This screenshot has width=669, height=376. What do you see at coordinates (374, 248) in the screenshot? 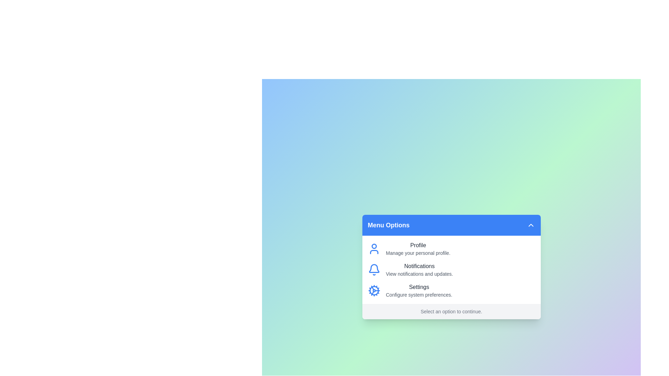
I see `the icon for Profile to select the corresponding menu option` at bounding box center [374, 248].